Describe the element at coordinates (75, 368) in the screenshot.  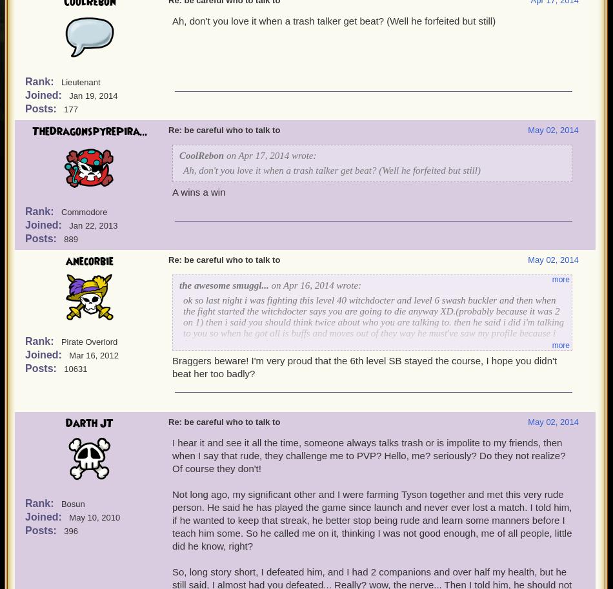
I see `'10631'` at that location.